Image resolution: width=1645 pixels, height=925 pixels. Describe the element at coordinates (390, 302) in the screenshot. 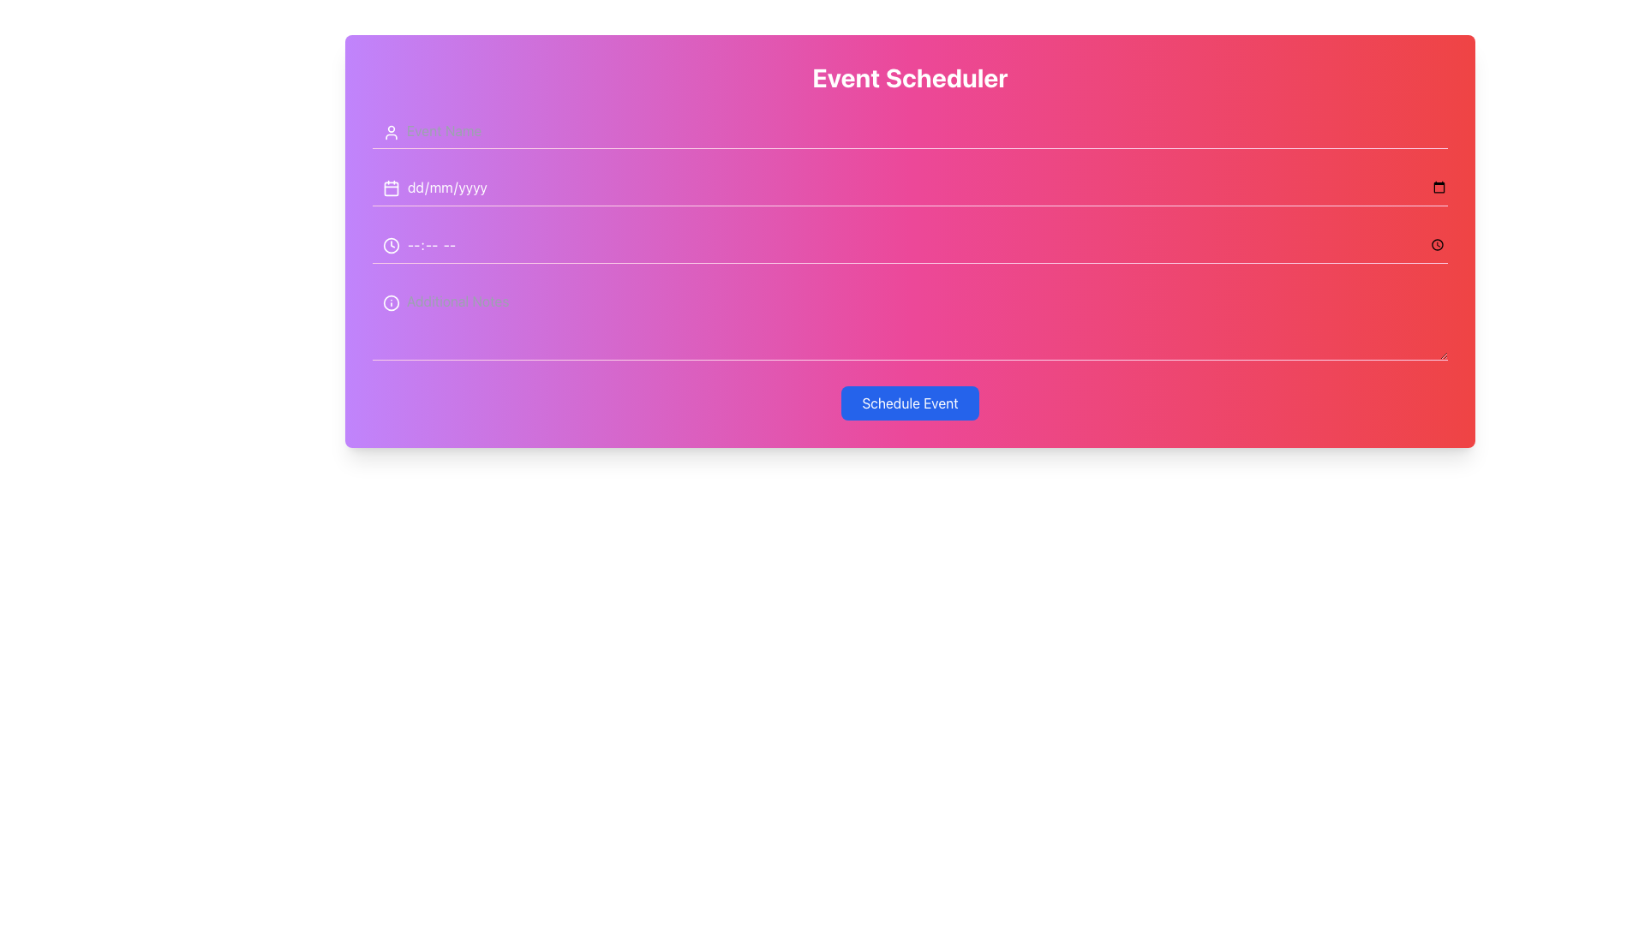

I see `the radial graphical element of the information icon located above the additional notes input field in the event scheduler interface` at that location.